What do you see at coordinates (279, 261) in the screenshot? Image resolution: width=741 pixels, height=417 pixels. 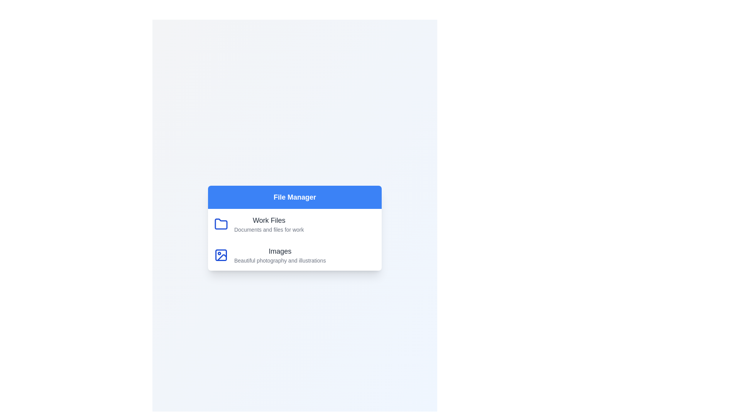 I see `the description text of the category Images` at bounding box center [279, 261].